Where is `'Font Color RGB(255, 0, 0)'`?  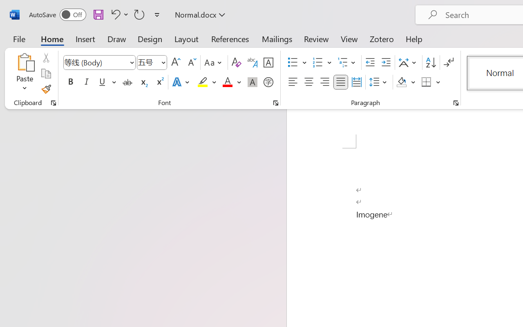 'Font Color RGB(255, 0, 0)' is located at coordinates (227, 82).